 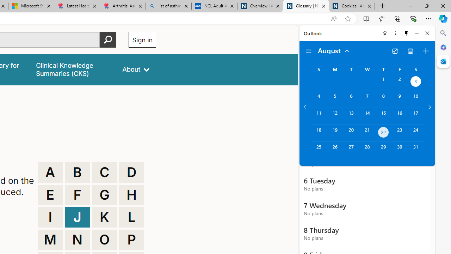 What do you see at coordinates (142, 40) in the screenshot?
I see `'Sign in'` at bounding box center [142, 40].